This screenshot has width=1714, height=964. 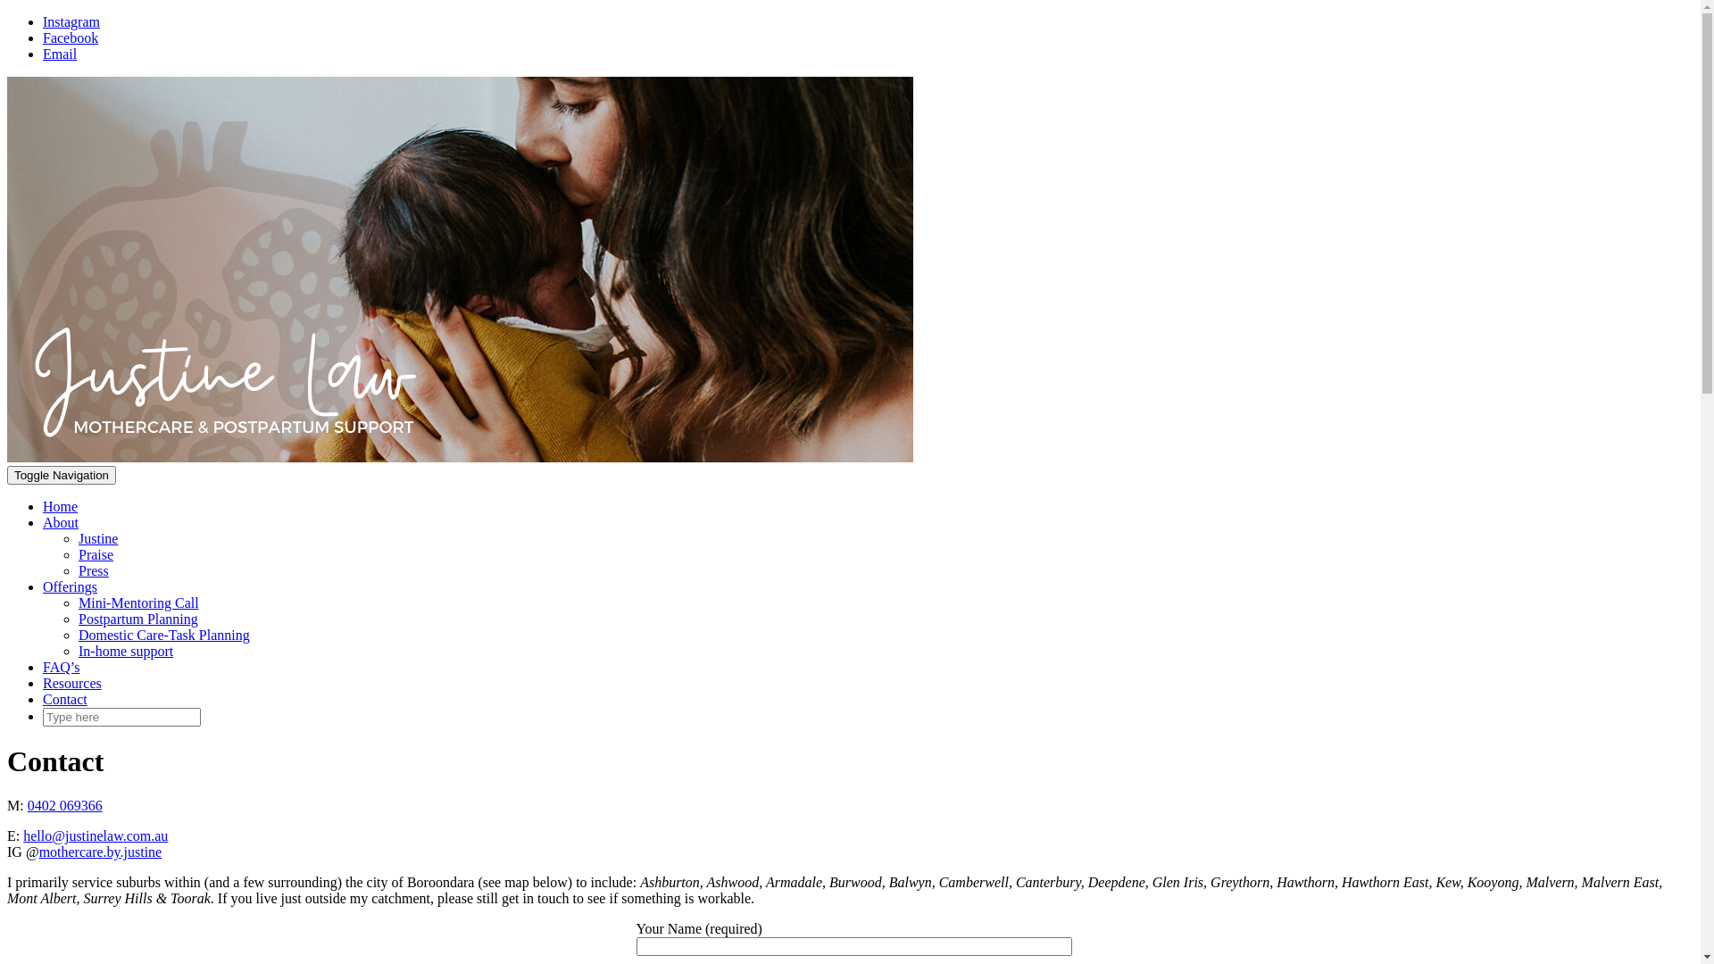 I want to click on '0402 069366', so click(x=27, y=805).